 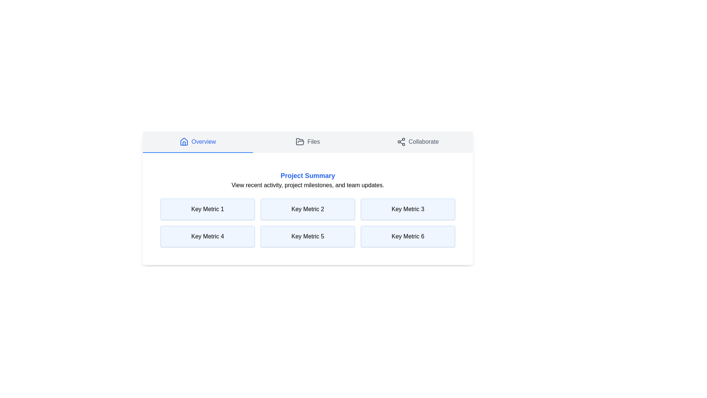 I want to click on the first navigation tab, so click(x=198, y=142).